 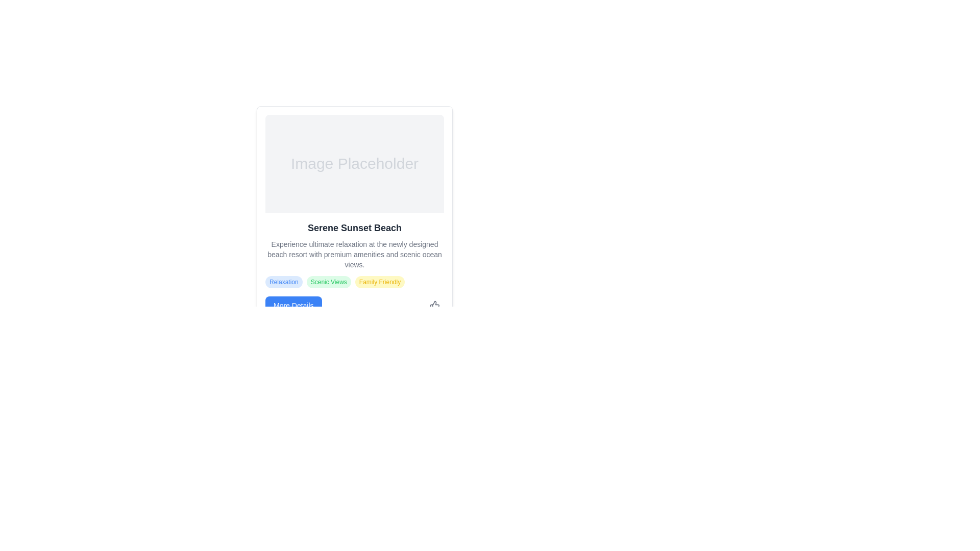 What do you see at coordinates (293, 305) in the screenshot?
I see `the button located in the bottom middle portion of the card, which allows users` at bounding box center [293, 305].